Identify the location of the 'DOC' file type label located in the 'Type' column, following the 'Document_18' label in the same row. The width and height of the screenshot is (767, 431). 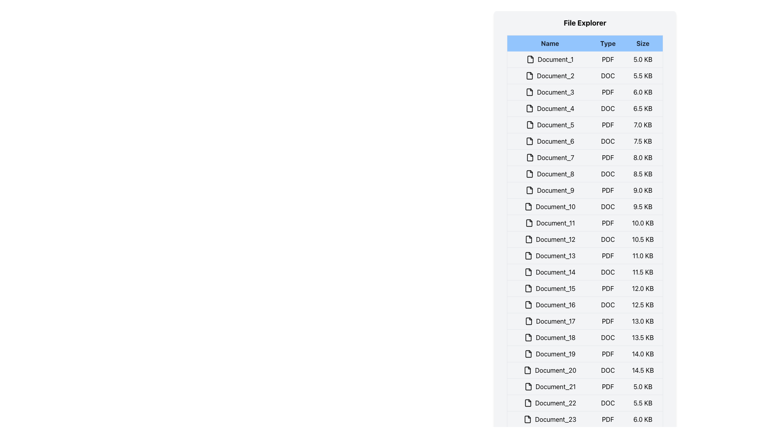
(607, 337).